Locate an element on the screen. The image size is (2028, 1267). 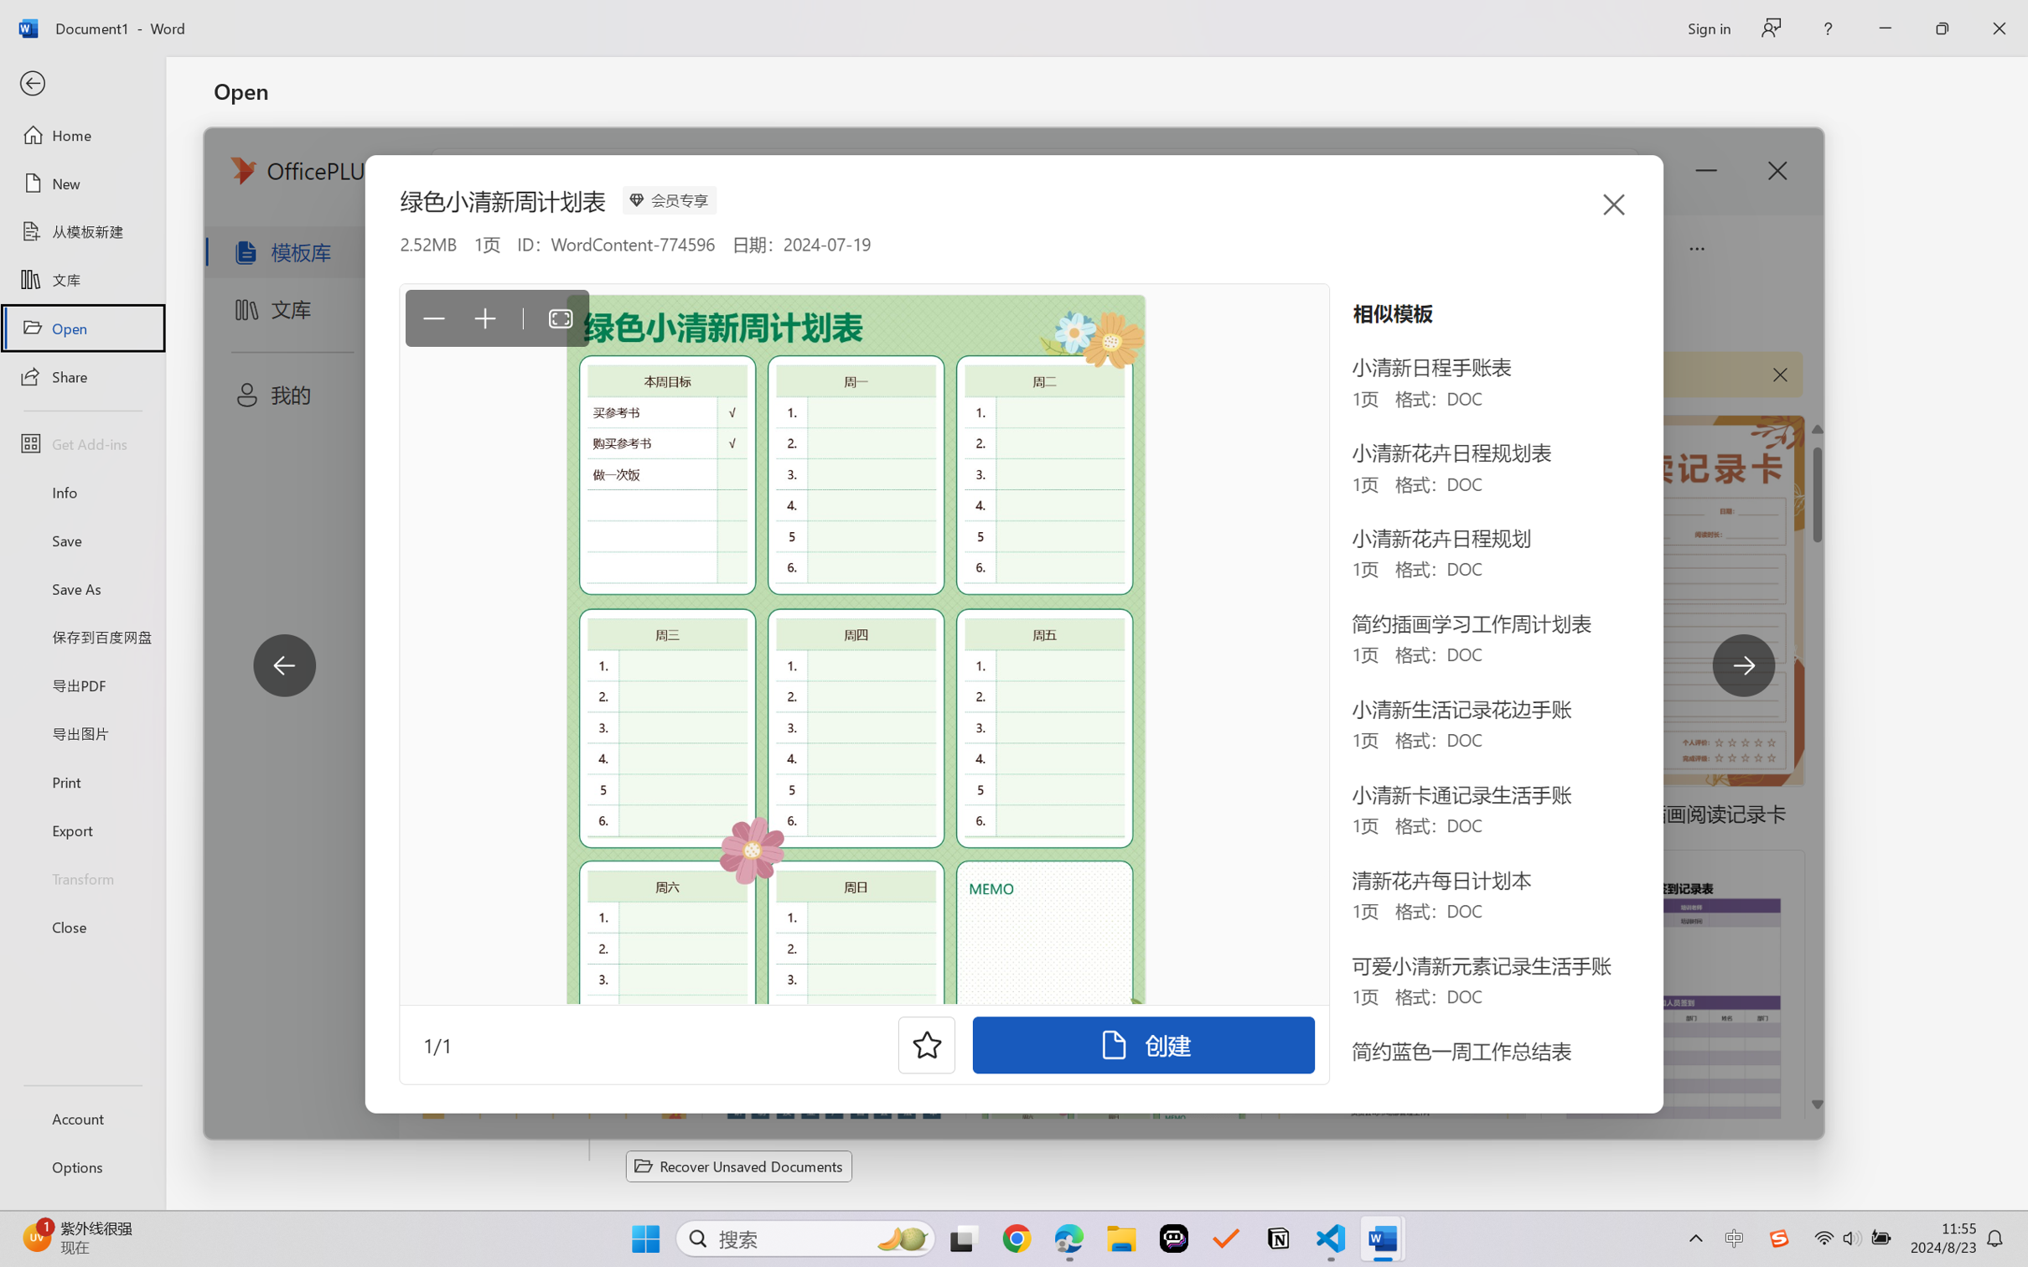
'Save As' is located at coordinates (81, 588).